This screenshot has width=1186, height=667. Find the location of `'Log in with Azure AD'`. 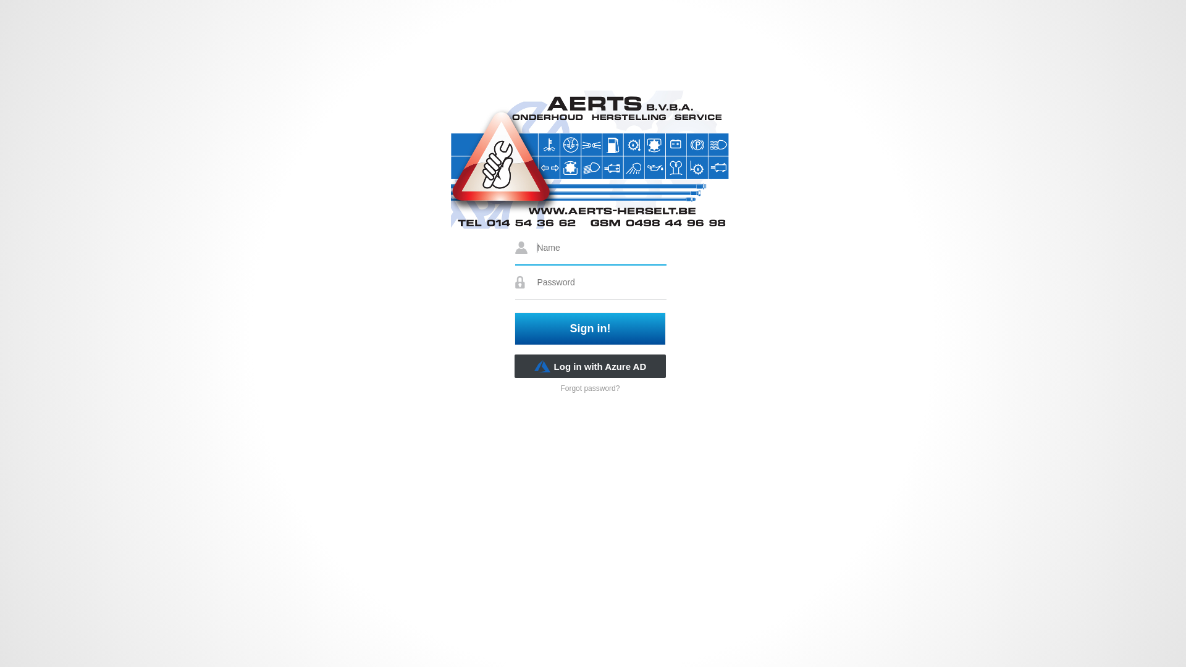

'Log in with Azure AD' is located at coordinates (589, 366).